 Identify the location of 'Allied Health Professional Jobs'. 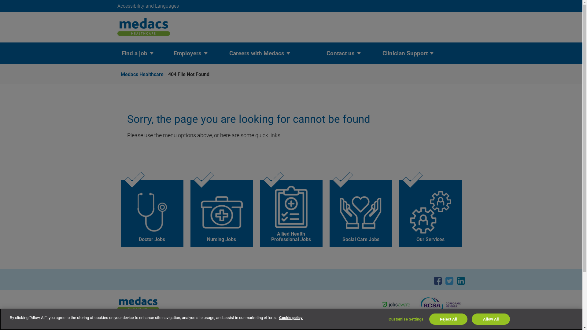
(260, 213).